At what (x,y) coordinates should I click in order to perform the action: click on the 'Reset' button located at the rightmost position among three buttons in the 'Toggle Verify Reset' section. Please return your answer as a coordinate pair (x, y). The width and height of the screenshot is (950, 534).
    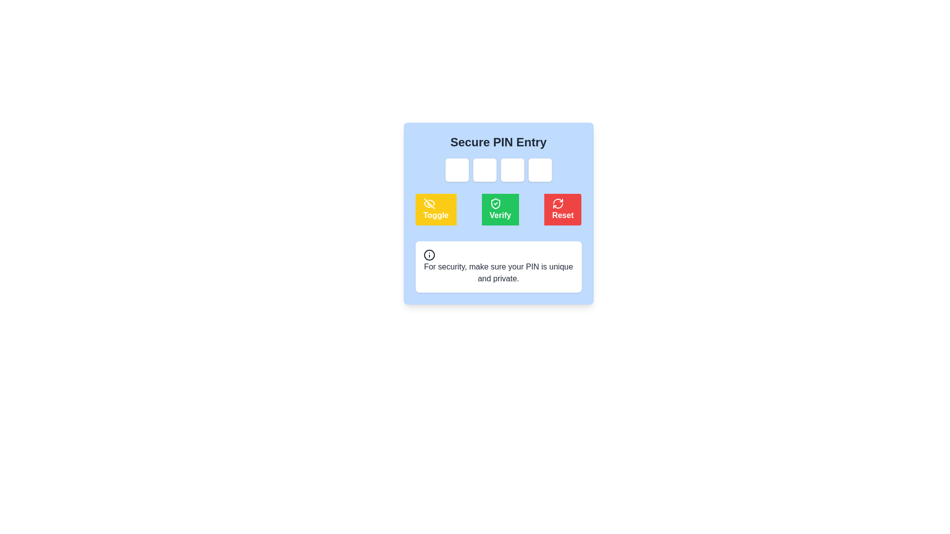
    Looking at the image, I should click on (563, 209).